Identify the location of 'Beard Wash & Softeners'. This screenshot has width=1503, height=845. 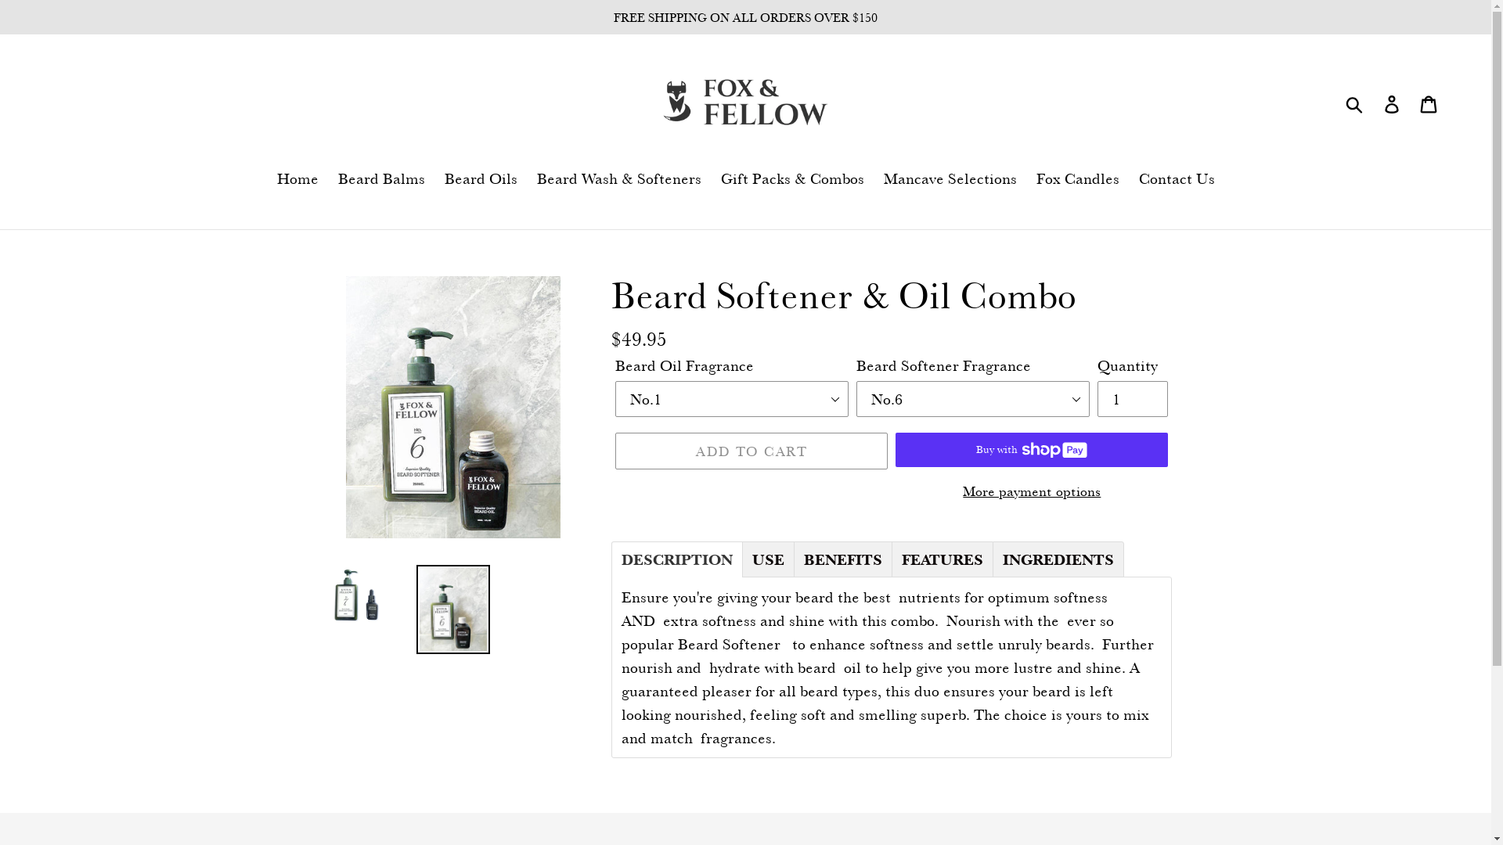
(618, 178).